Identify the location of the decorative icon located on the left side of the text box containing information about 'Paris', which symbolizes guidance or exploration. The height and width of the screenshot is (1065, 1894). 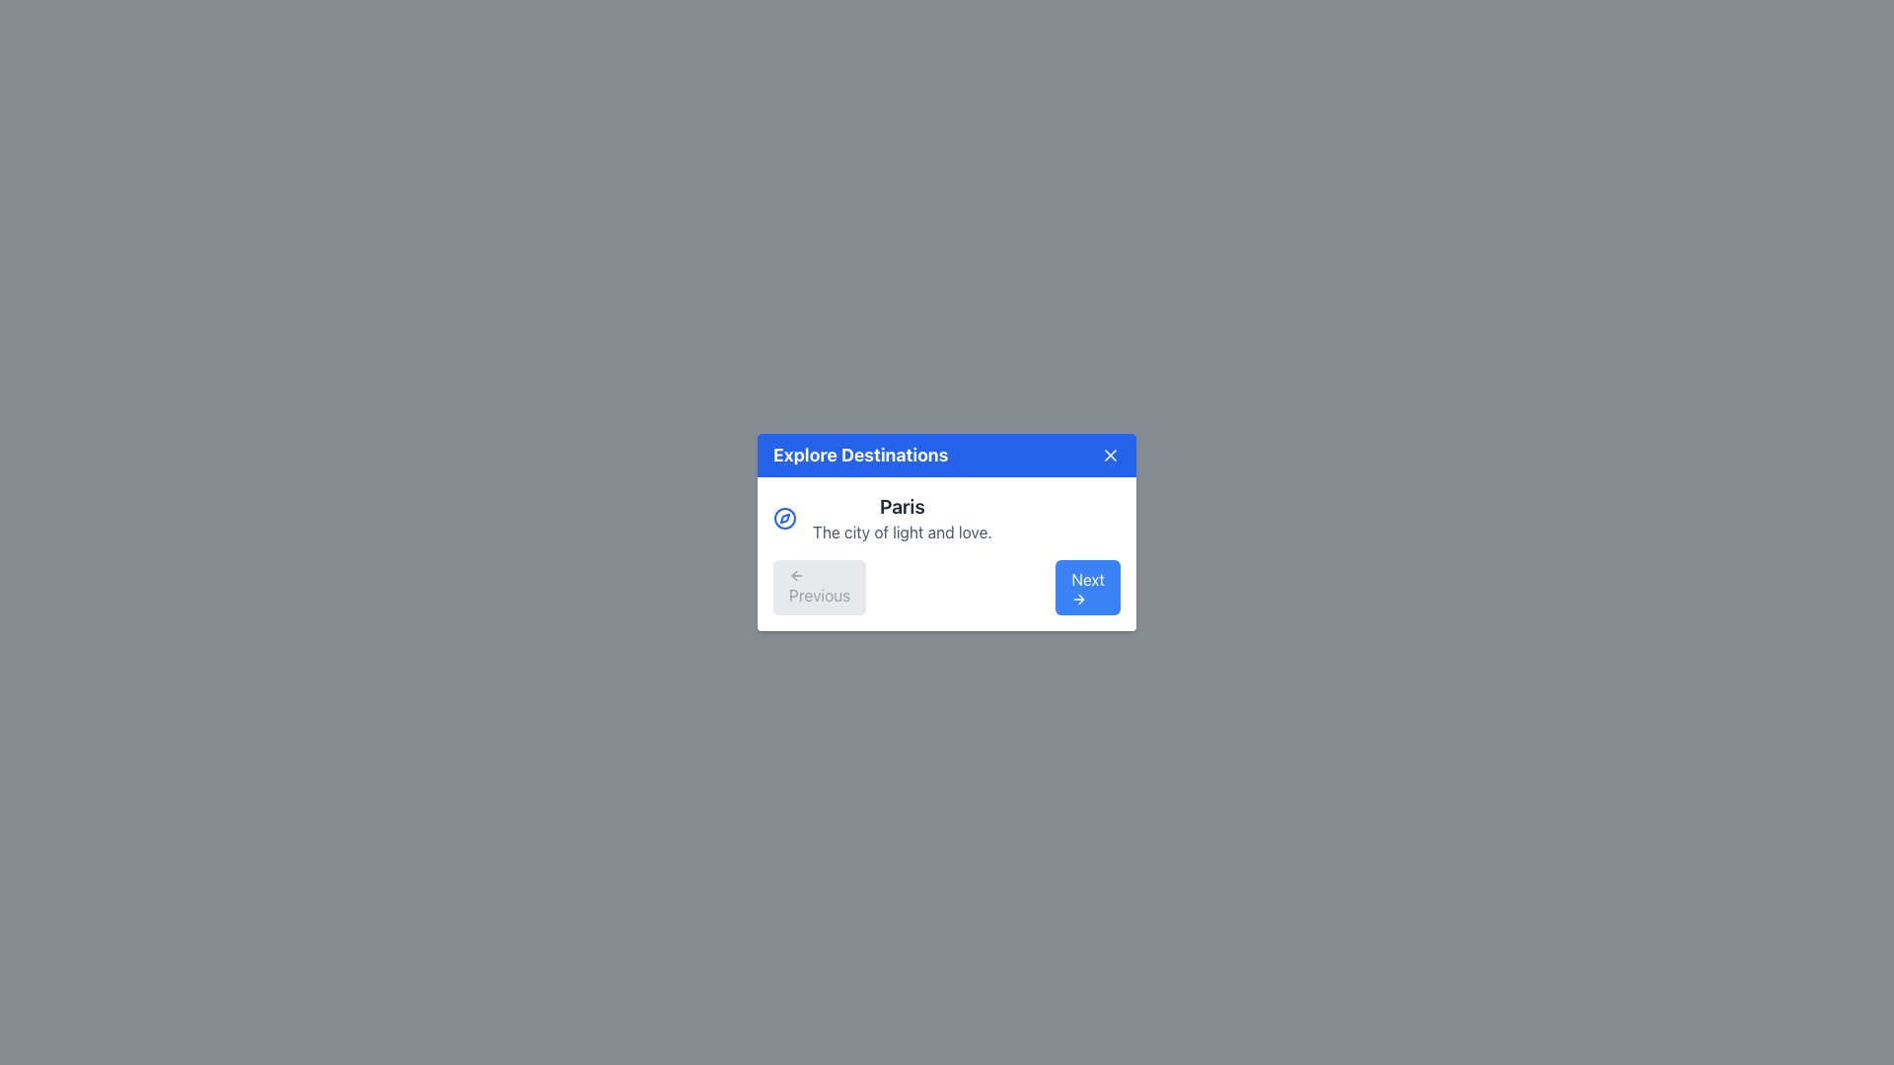
(784, 517).